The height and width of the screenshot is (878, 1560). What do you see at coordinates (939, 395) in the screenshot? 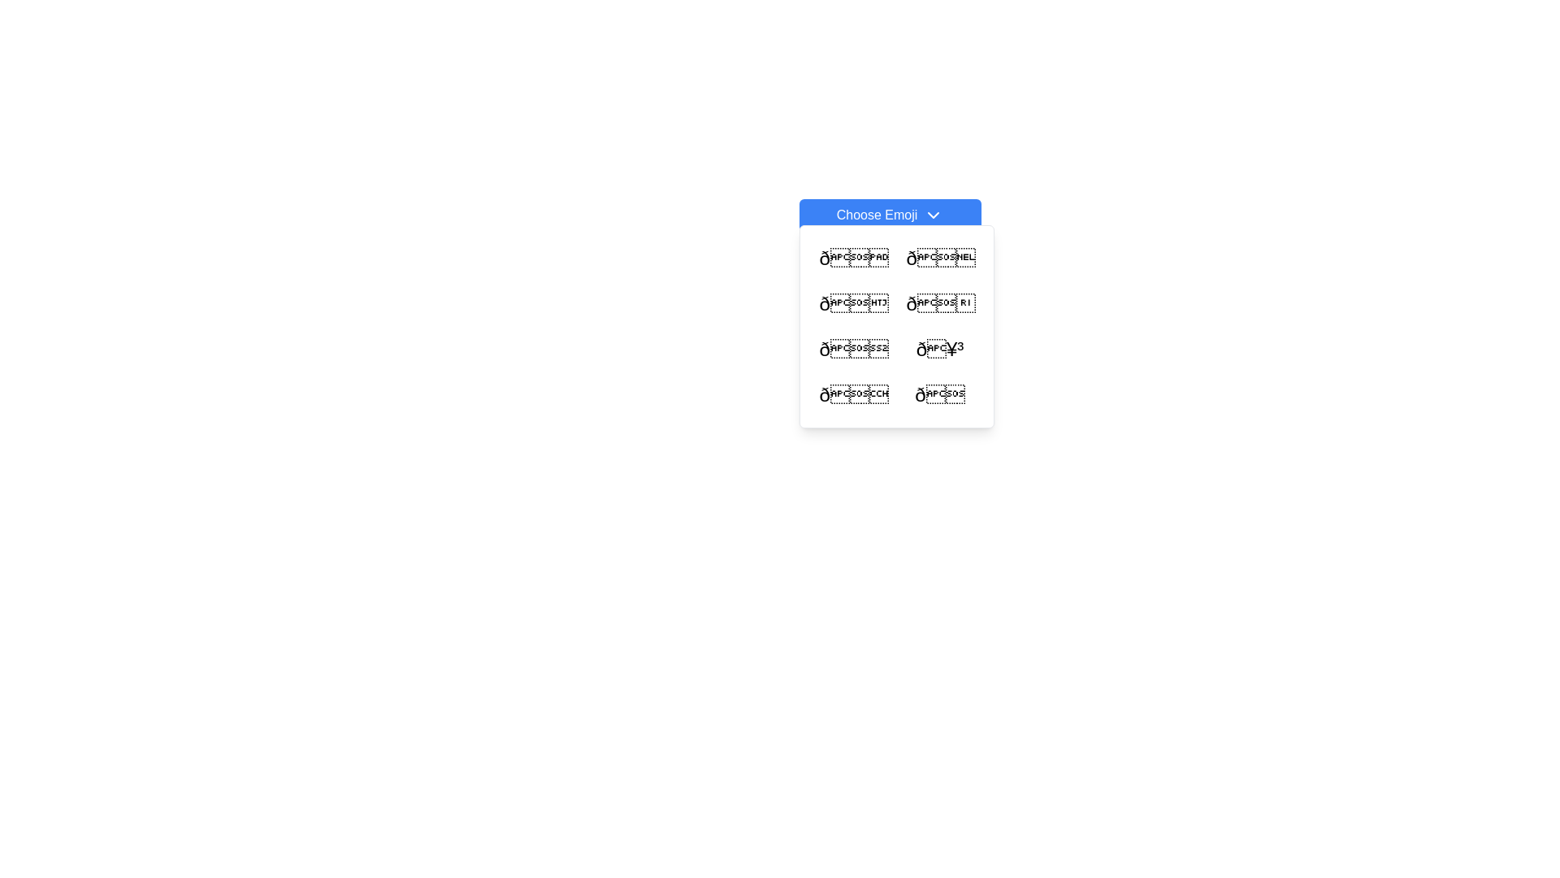
I see `the last emoji in the bottom-right corner of the emoji grid` at bounding box center [939, 395].